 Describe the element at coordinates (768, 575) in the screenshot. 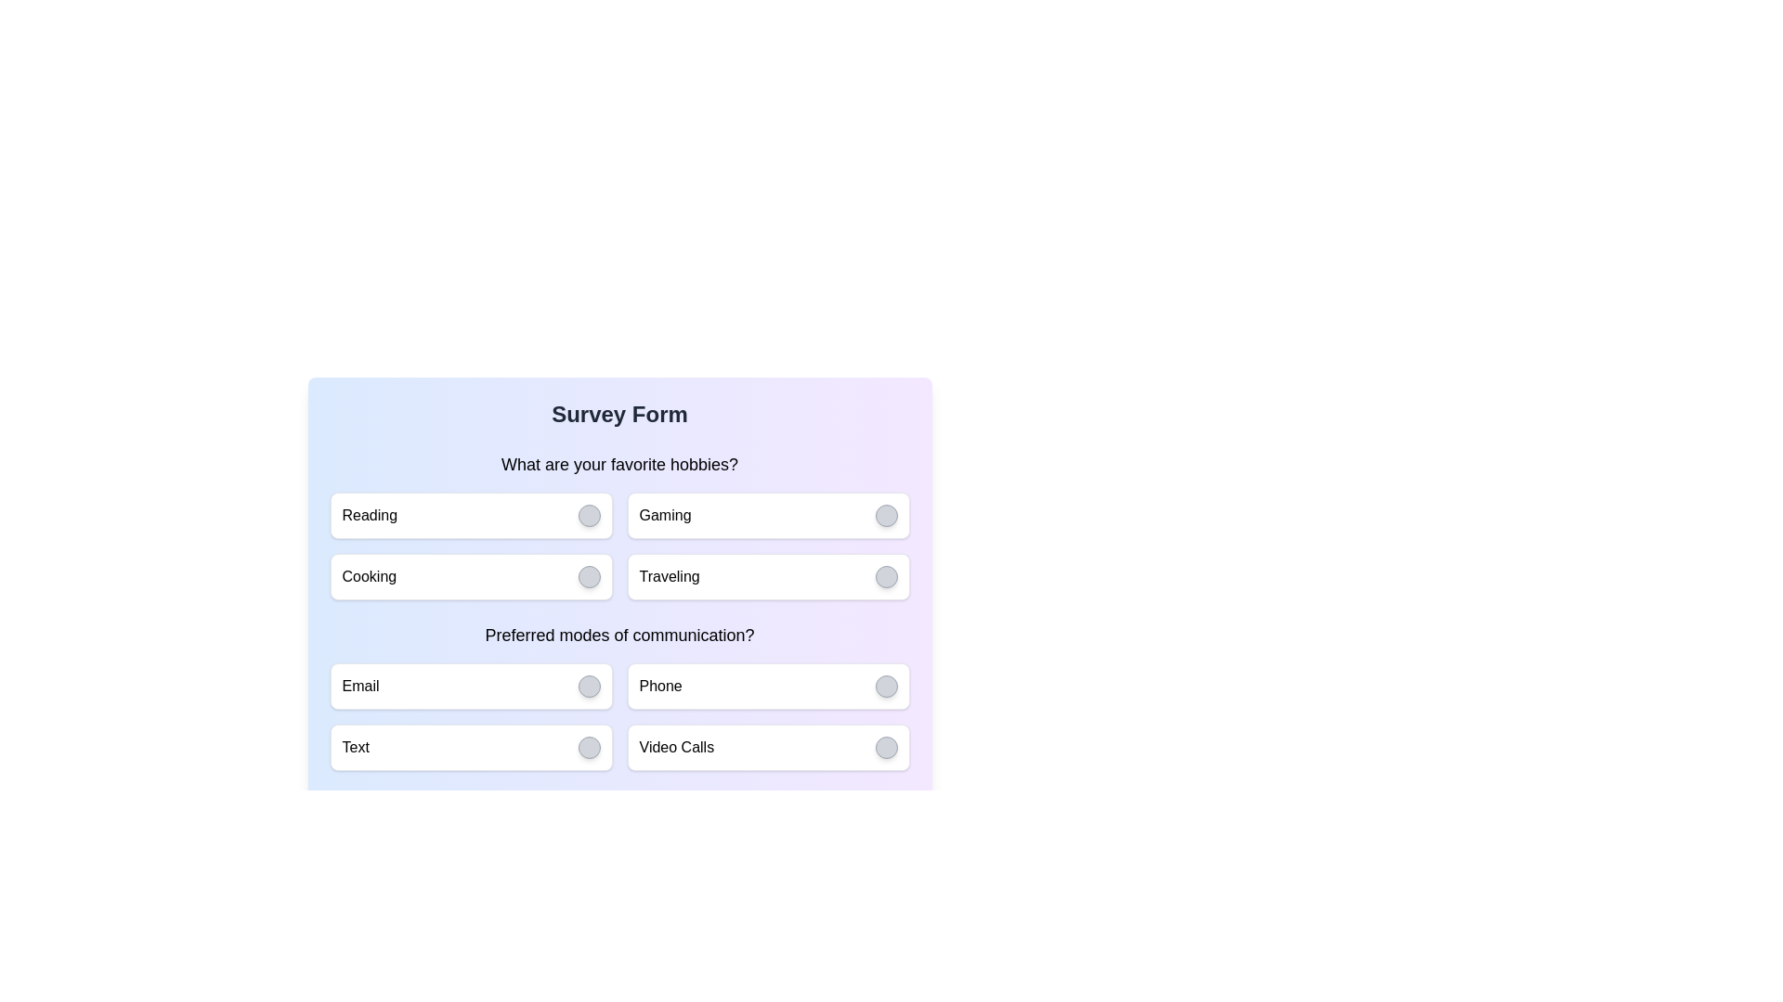

I see `the 'Traveling' selectable preference option` at that location.